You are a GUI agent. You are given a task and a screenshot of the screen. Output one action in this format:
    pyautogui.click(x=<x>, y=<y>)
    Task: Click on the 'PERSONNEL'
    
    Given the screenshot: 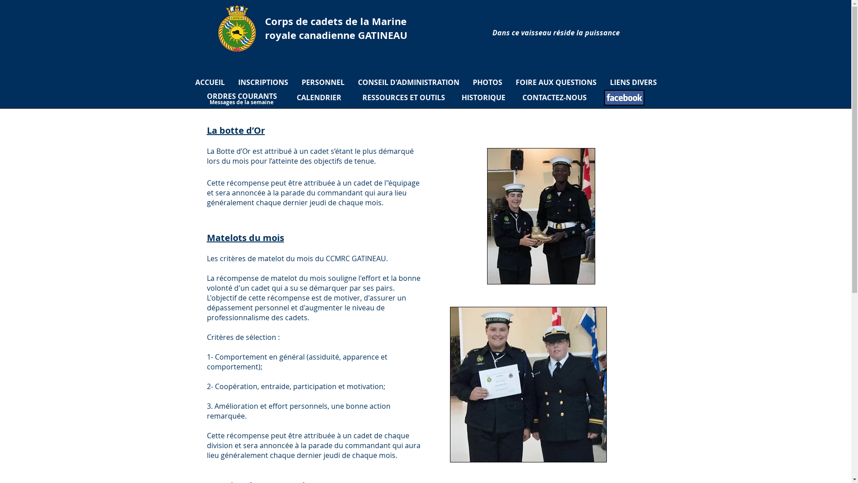 What is the action you would take?
    pyautogui.click(x=323, y=82)
    